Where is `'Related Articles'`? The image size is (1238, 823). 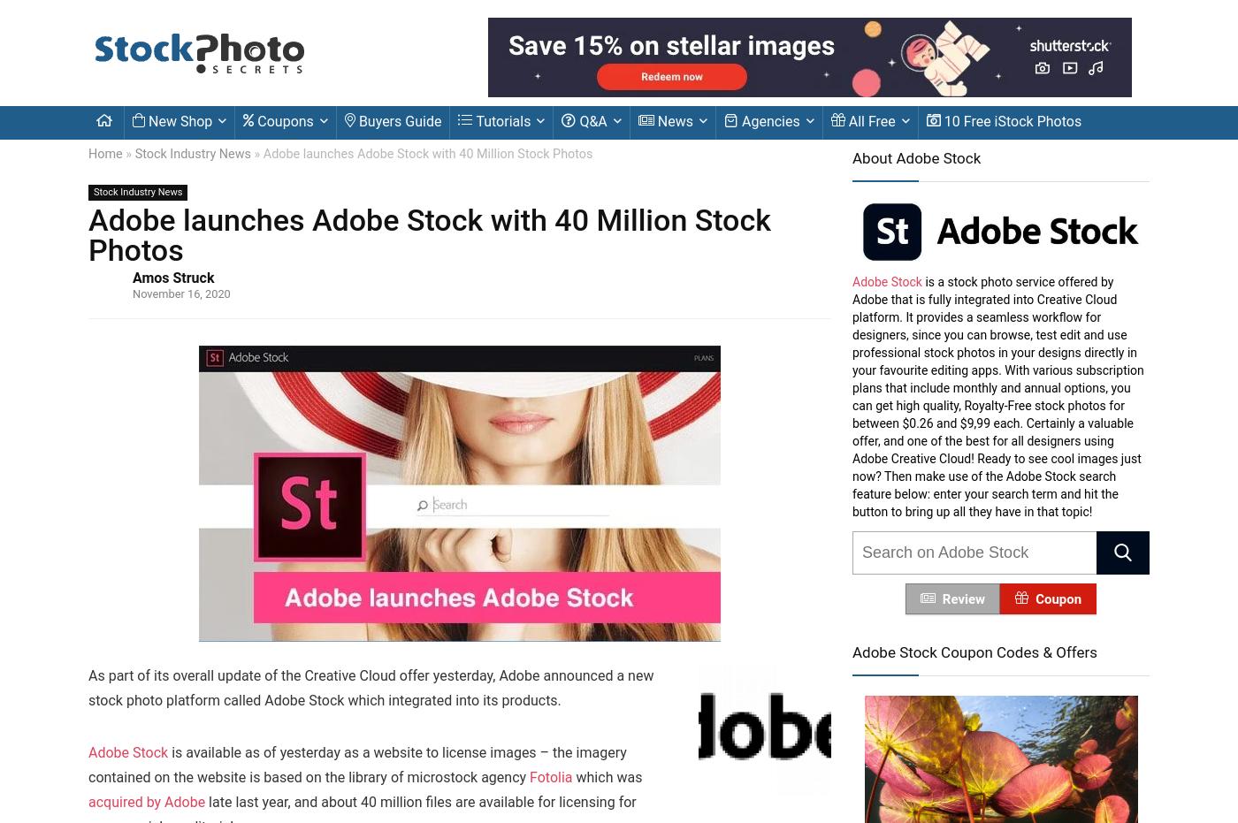 'Related Articles' is located at coordinates (145, 659).